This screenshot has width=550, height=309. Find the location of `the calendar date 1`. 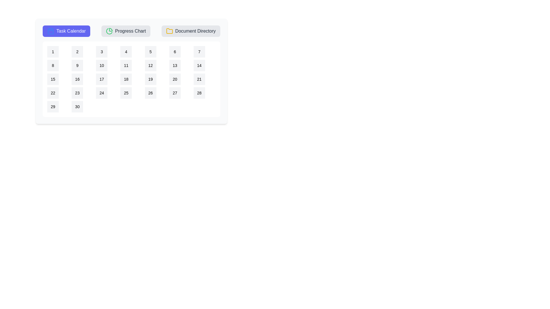

the calendar date 1 is located at coordinates (53, 52).